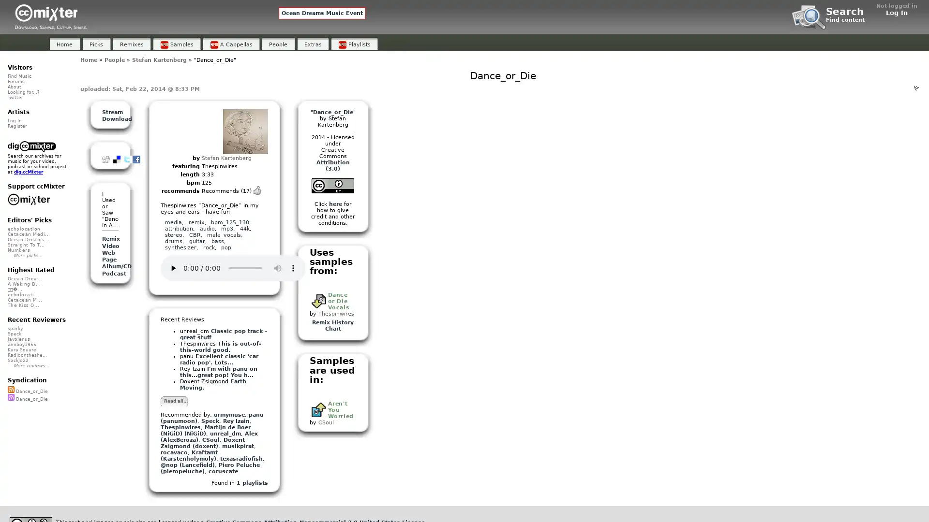  What do you see at coordinates (292, 268) in the screenshot?
I see `show more media controls` at bounding box center [292, 268].